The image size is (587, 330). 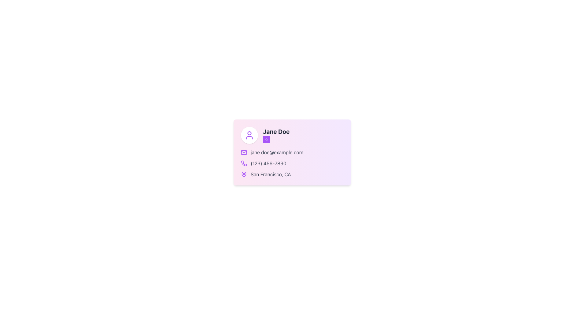 What do you see at coordinates (243, 152) in the screenshot?
I see `the email icon that visually indicates the email field for the address 'jane.doe@example.com'` at bounding box center [243, 152].